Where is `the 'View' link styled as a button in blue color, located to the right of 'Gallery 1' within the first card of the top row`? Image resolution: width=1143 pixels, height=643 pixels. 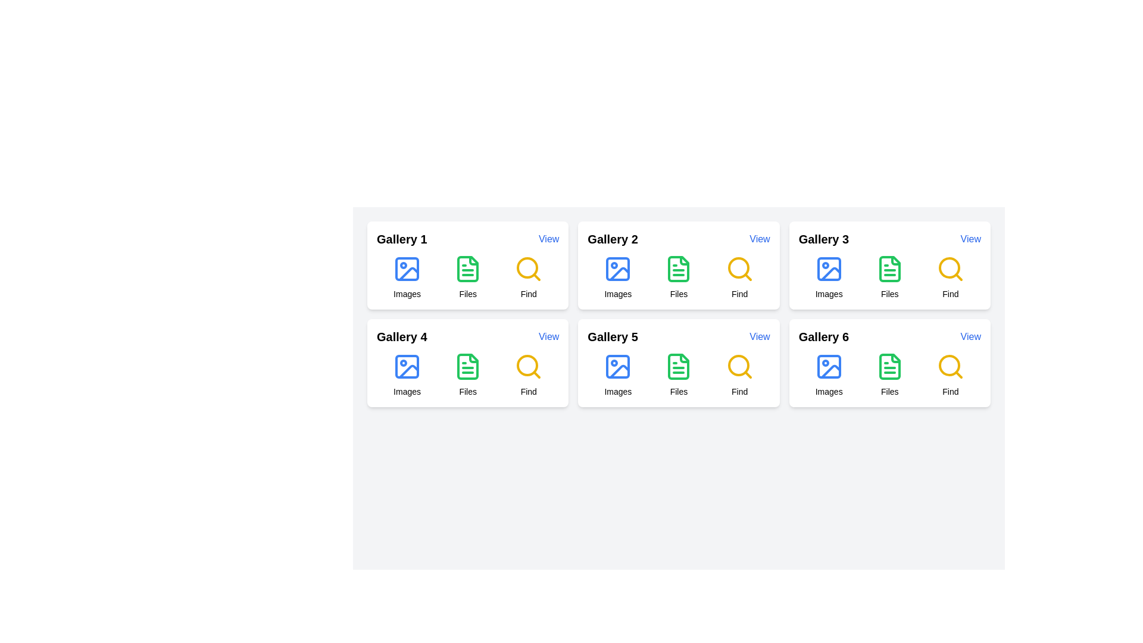
the 'View' link styled as a button in blue color, located to the right of 'Gallery 1' within the first card of the top row is located at coordinates (548, 239).